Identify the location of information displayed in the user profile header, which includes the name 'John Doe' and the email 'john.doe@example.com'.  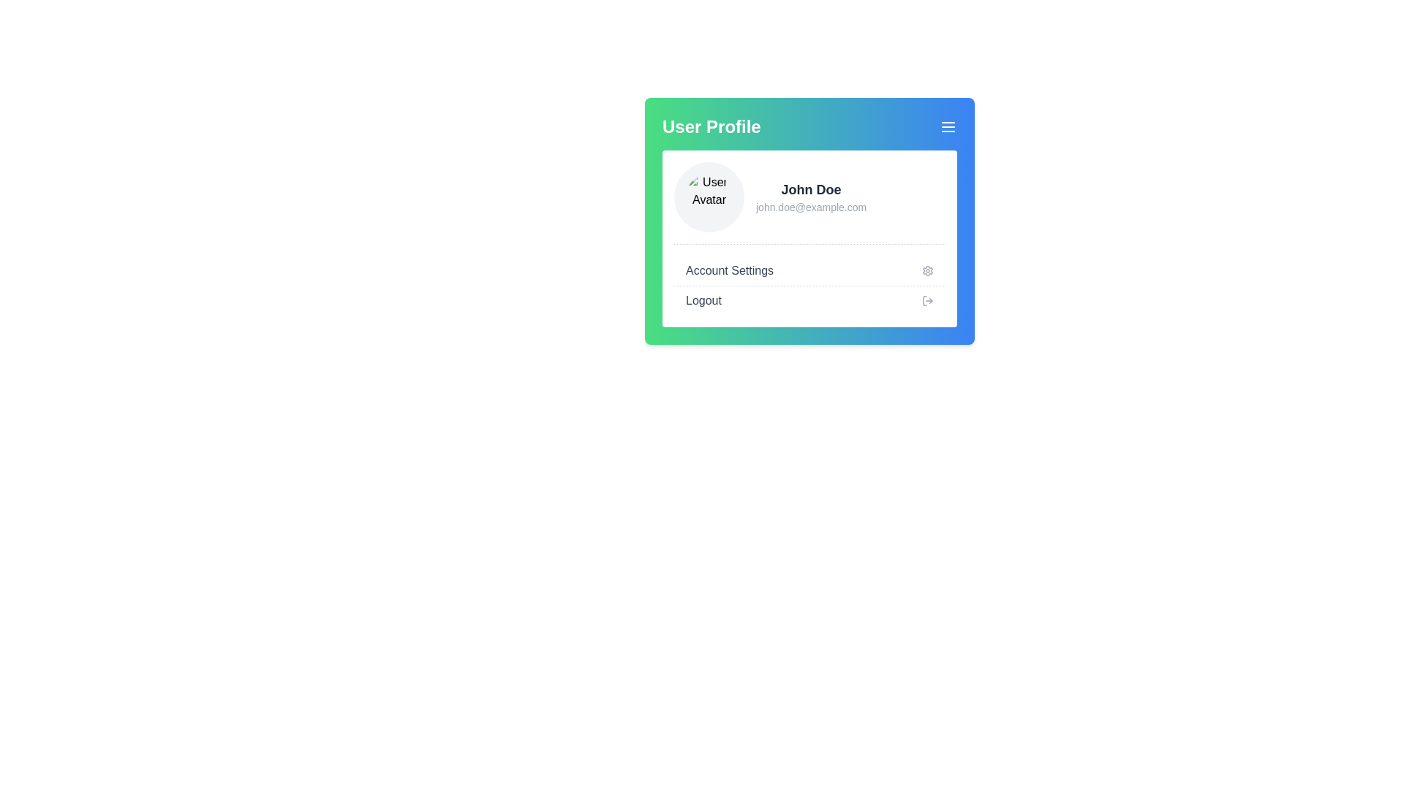
(809, 197).